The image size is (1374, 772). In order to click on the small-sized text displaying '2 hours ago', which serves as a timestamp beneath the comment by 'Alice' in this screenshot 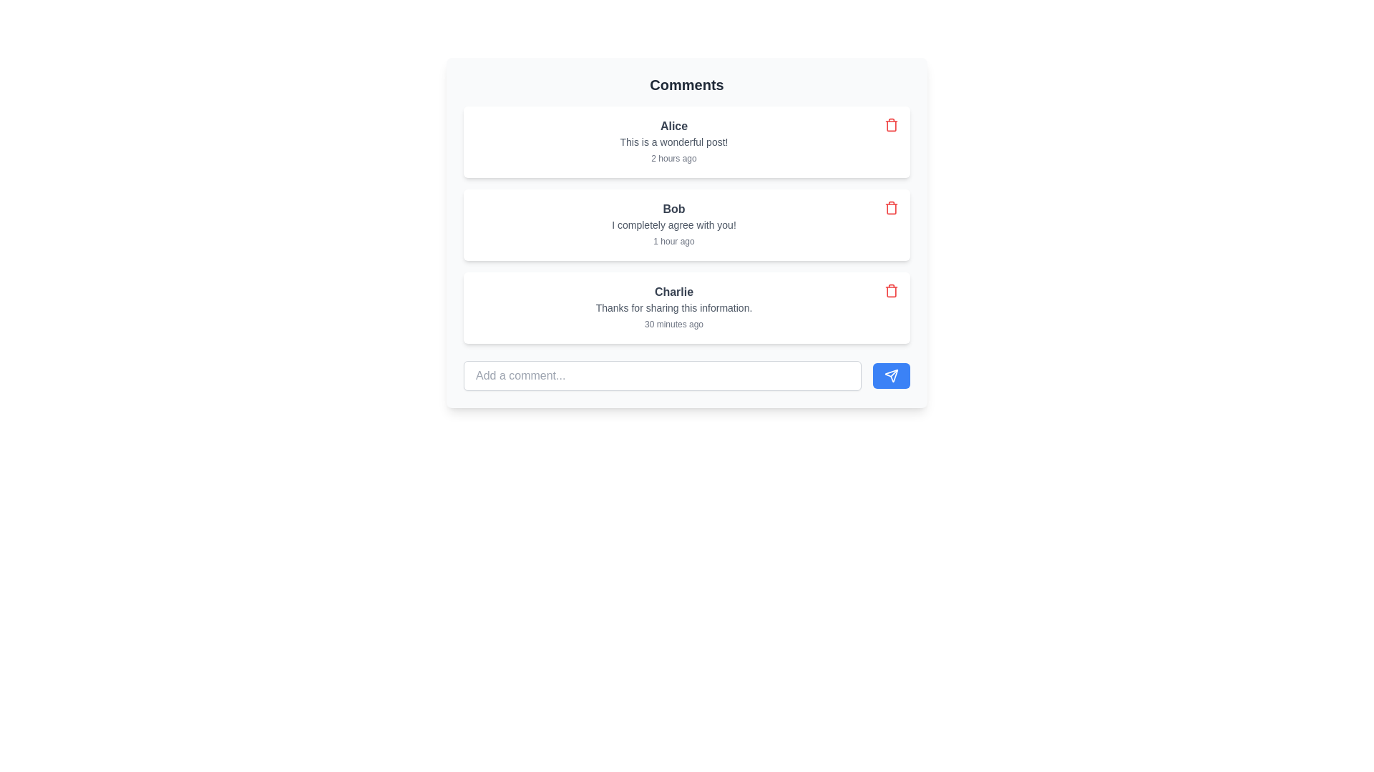, I will do `click(673, 159)`.